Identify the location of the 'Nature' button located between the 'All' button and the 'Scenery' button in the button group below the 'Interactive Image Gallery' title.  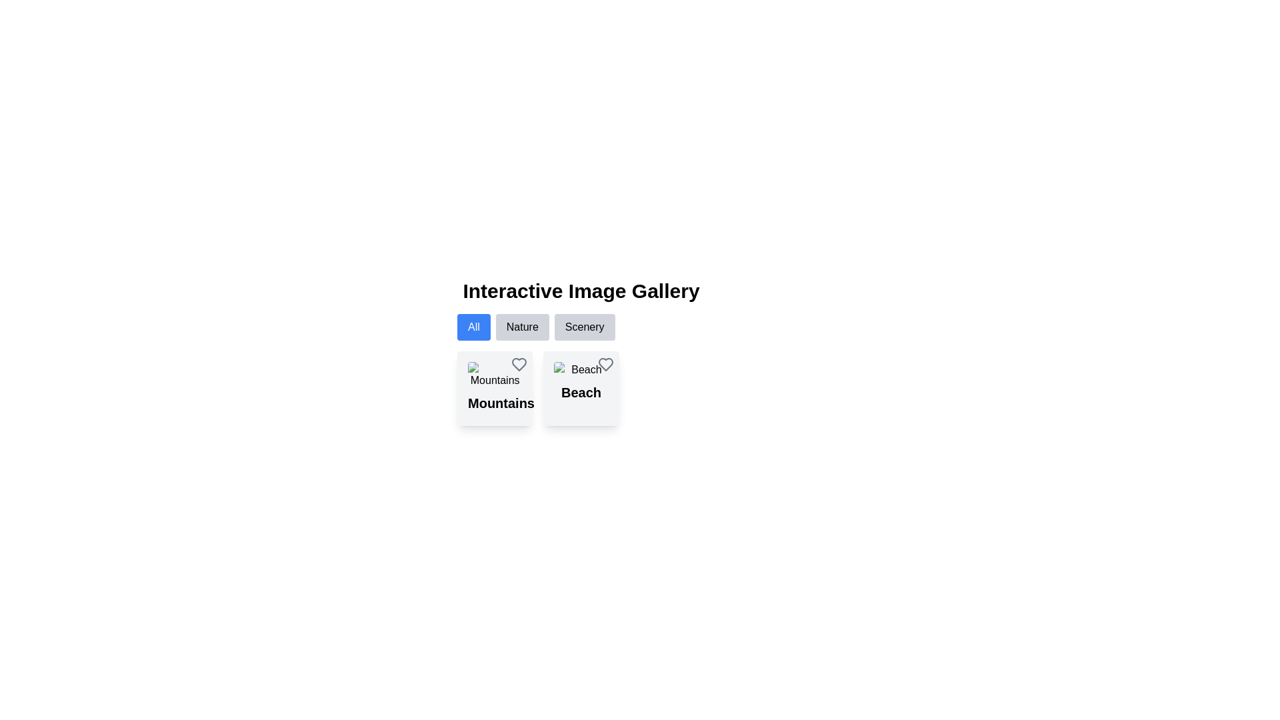
(521, 327).